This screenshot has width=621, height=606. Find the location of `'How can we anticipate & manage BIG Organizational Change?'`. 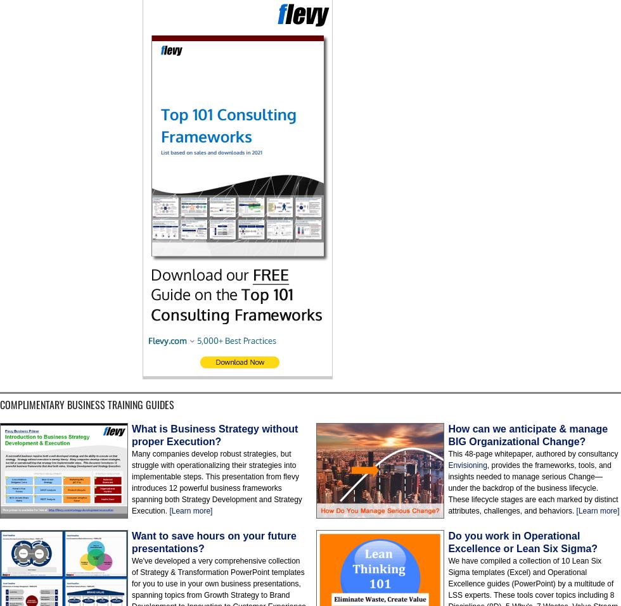

'How can we anticipate & manage BIG Organizational Change?' is located at coordinates (447, 435).